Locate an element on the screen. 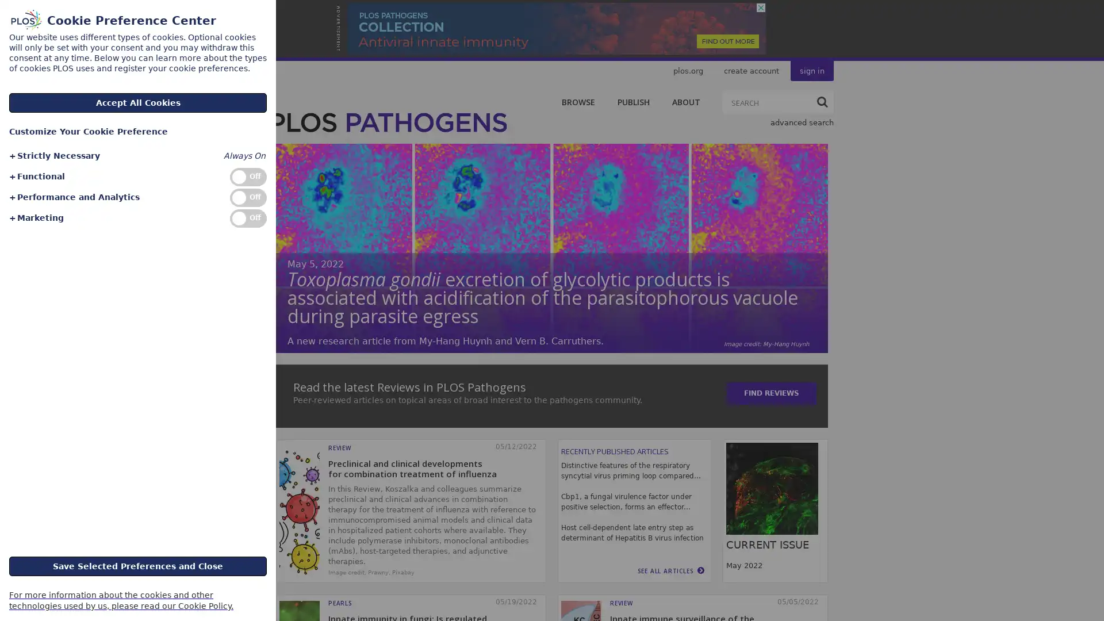 This screenshot has width=1104, height=621. Toggle explanation of Marketing Cookies. is located at coordinates (36, 218).